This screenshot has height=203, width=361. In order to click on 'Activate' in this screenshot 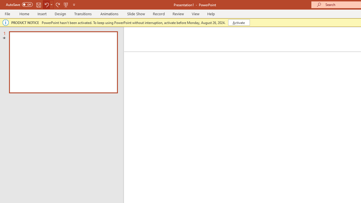, I will do `click(239, 22)`.